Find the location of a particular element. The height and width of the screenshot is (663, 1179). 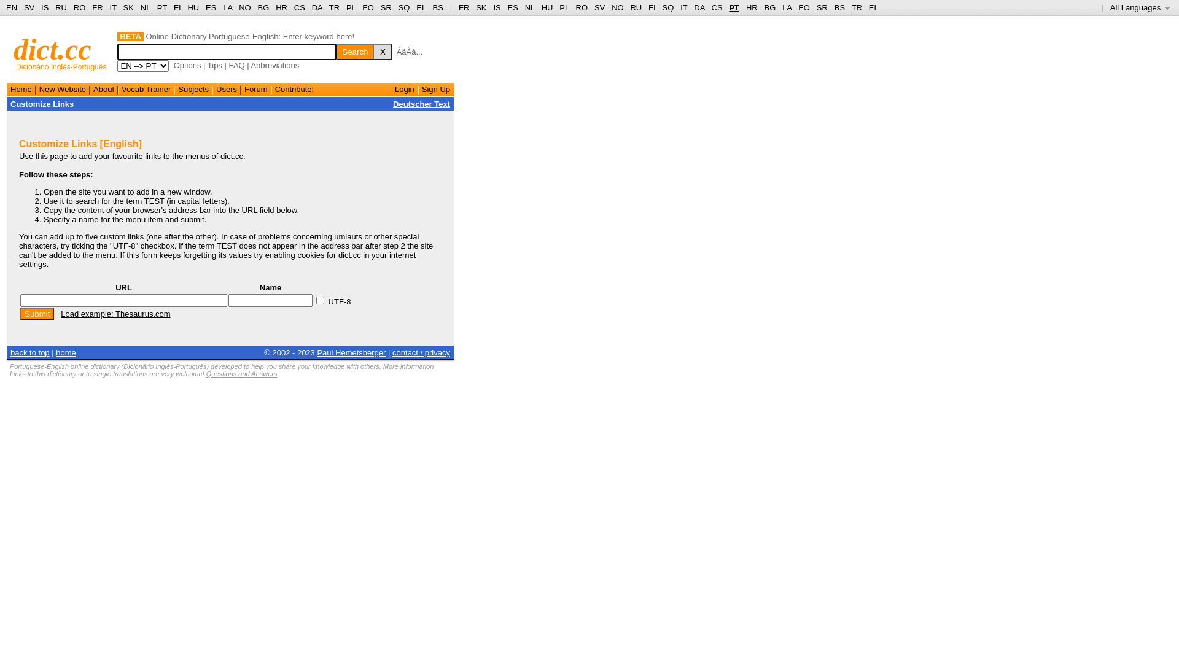

'Paul Hemetsberger' is located at coordinates (350, 352).